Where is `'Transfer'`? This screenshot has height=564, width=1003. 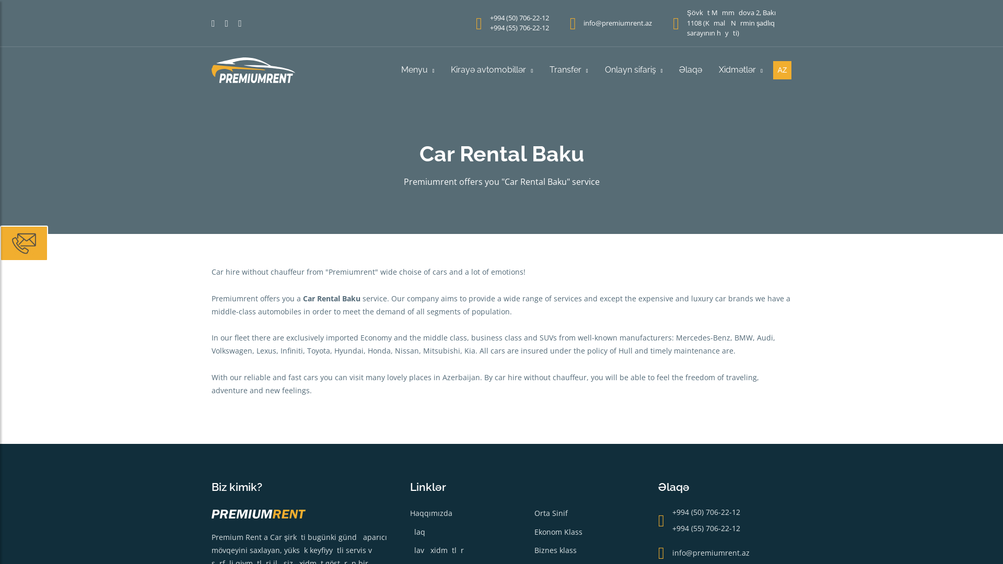 'Transfer' is located at coordinates (568, 70).